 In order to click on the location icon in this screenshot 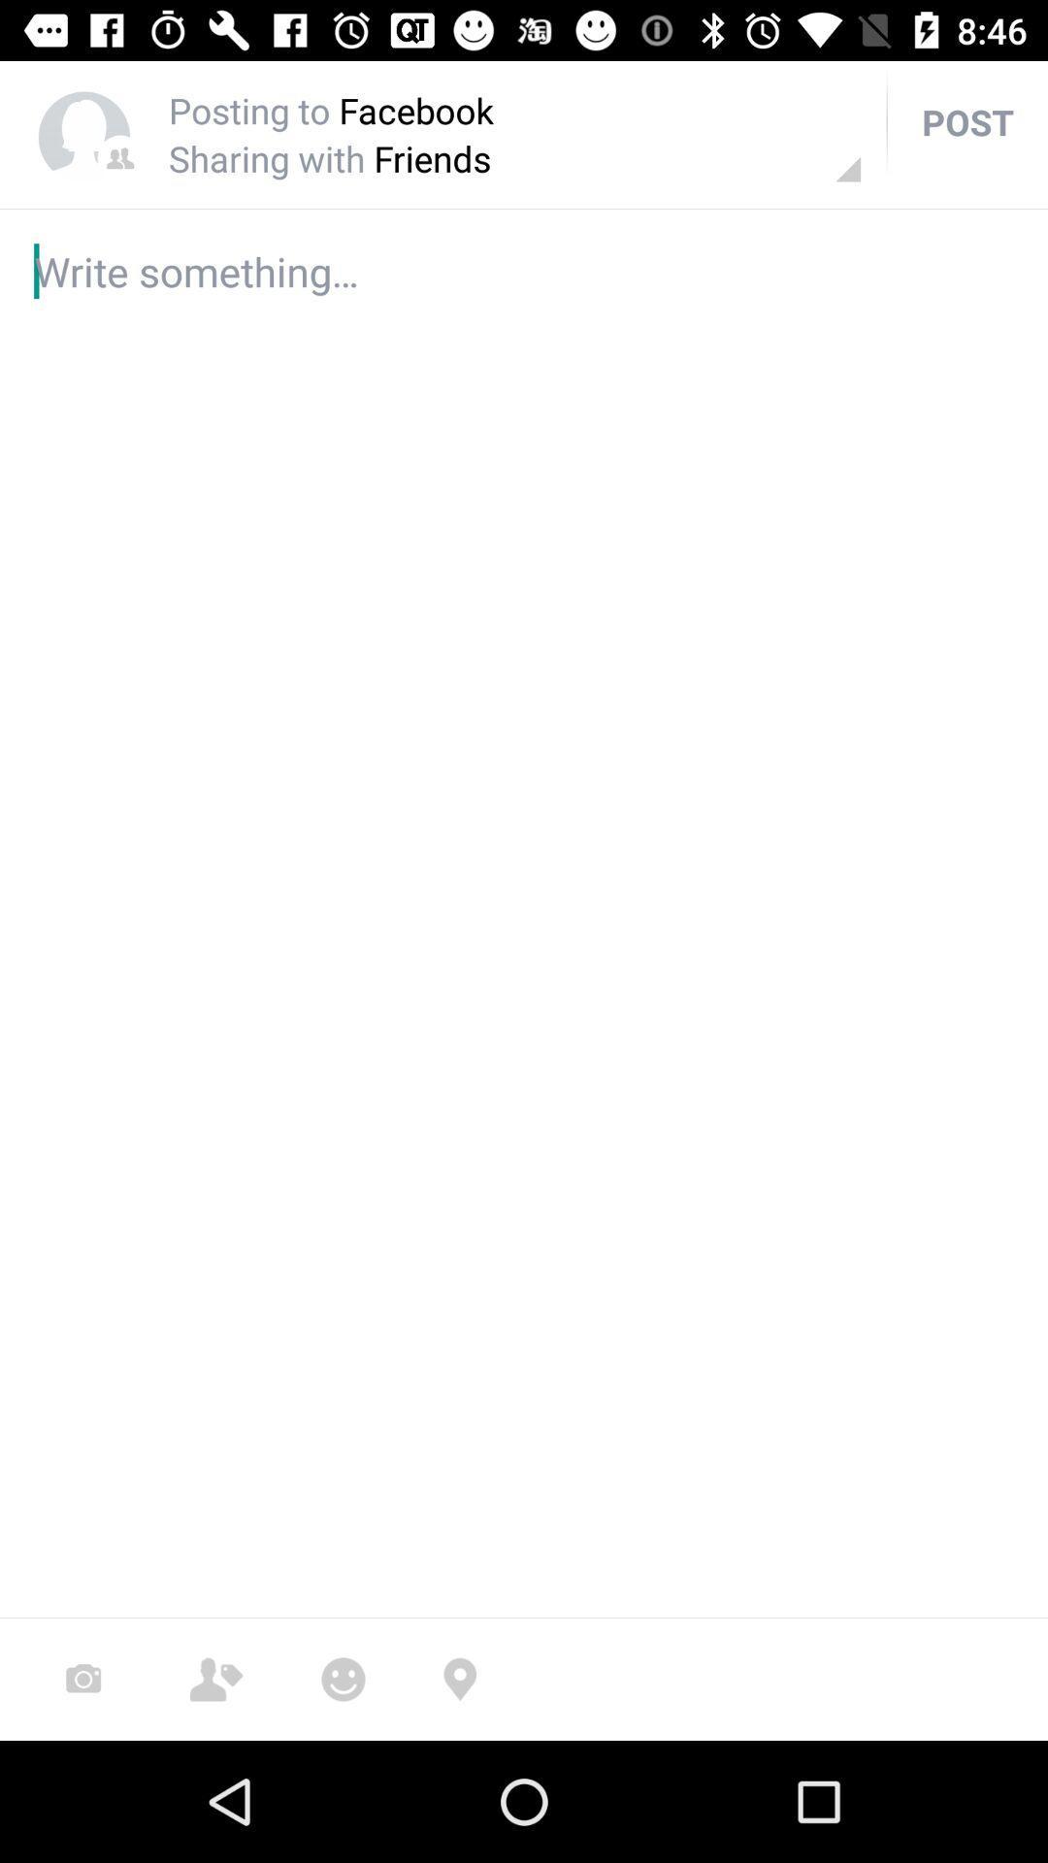, I will do `click(460, 1679)`.